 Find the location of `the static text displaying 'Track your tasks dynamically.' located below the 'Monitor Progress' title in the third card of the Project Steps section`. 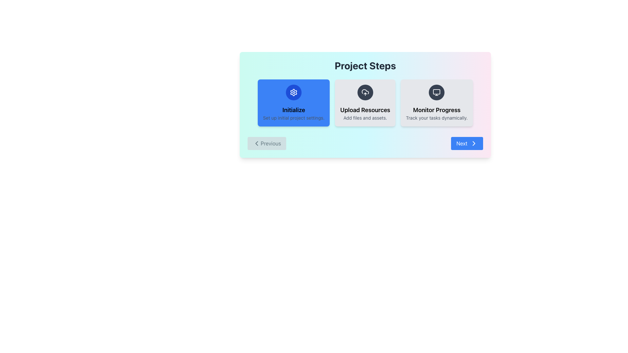

the static text displaying 'Track your tasks dynamically.' located below the 'Monitor Progress' title in the third card of the Project Steps section is located at coordinates (437, 118).